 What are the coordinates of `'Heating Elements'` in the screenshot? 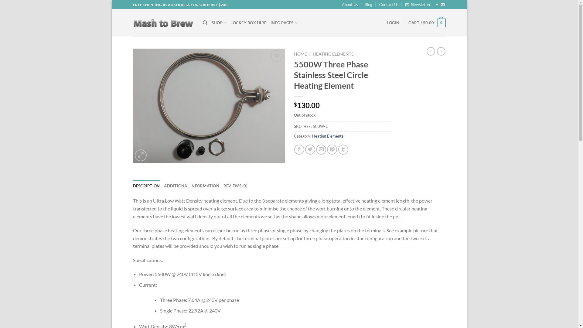 It's located at (327, 135).